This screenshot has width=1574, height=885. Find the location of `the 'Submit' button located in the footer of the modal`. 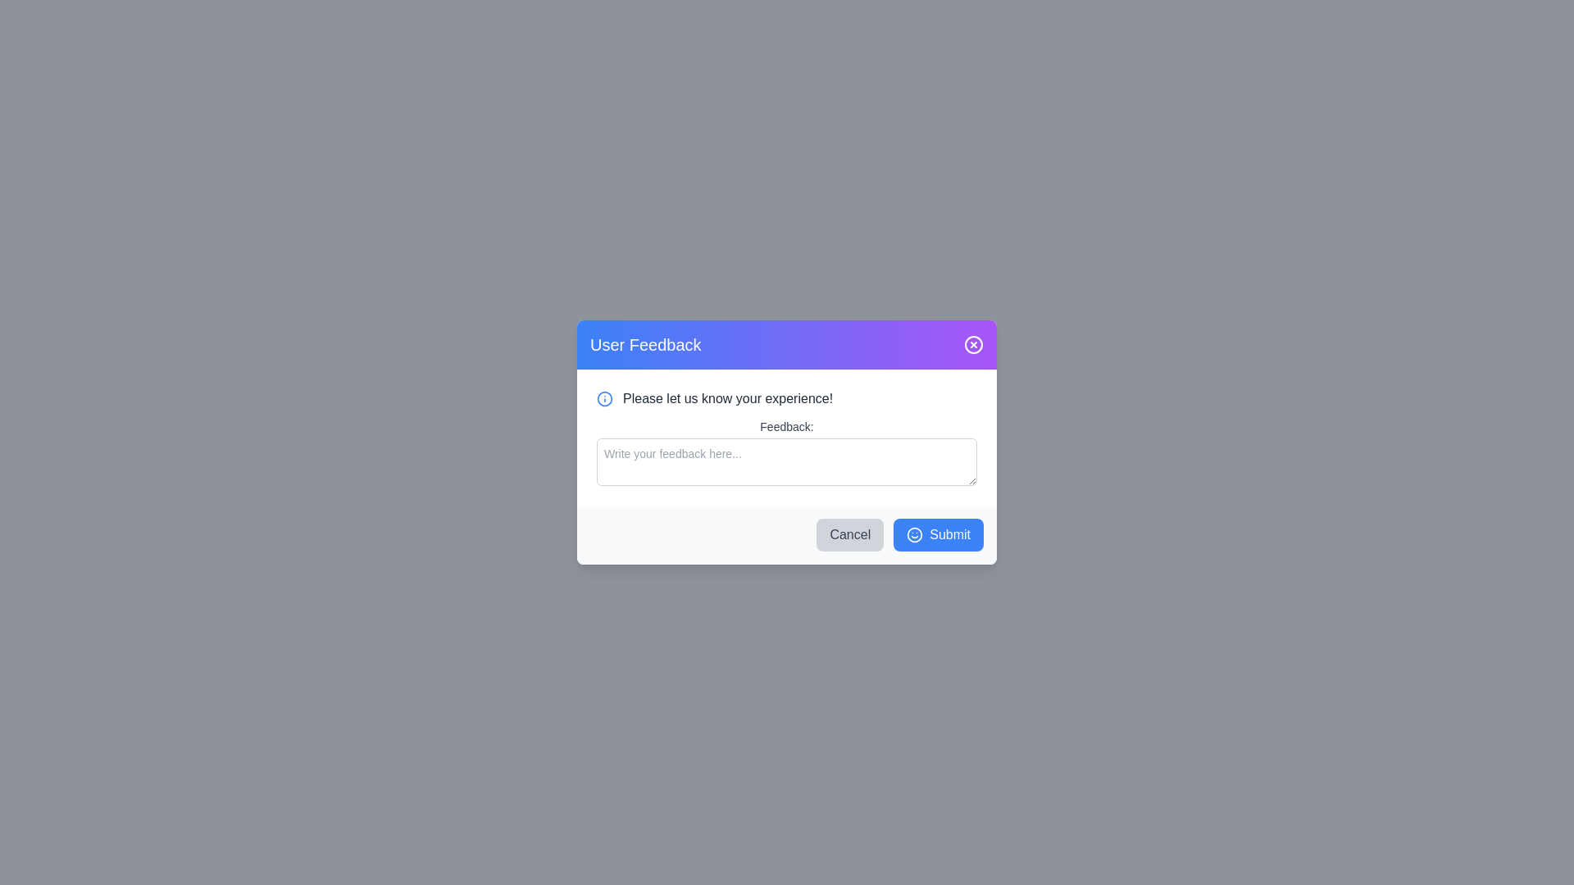

the 'Submit' button located in the footer of the modal is located at coordinates (939, 534).